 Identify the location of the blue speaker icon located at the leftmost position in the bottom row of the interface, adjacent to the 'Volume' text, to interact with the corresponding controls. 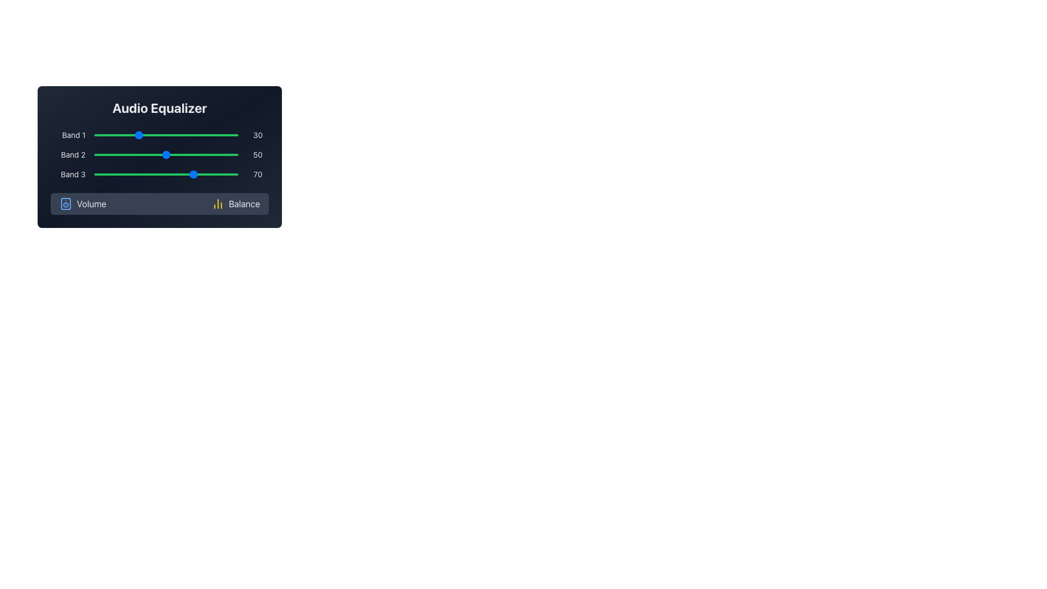
(65, 204).